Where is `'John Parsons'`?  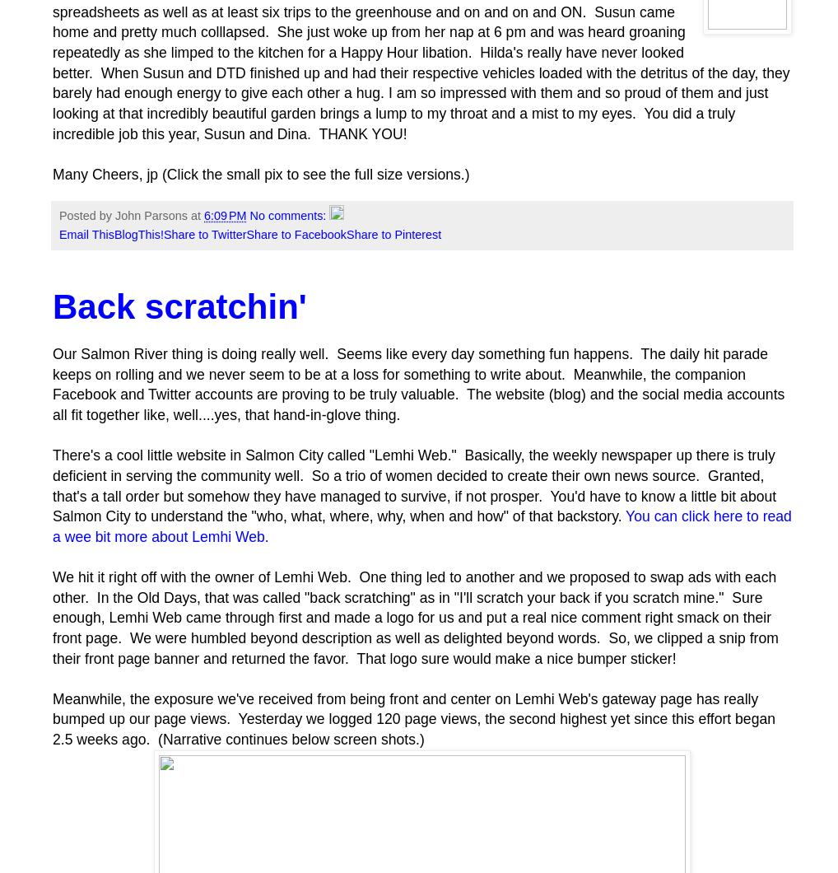 'John Parsons' is located at coordinates (151, 215).